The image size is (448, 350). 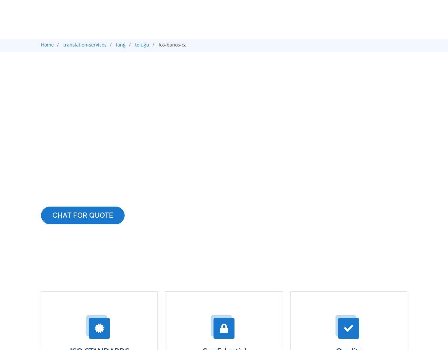 What do you see at coordinates (84, 4) in the screenshot?
I see `'Mongolian'` at bounding box center [84, 4].